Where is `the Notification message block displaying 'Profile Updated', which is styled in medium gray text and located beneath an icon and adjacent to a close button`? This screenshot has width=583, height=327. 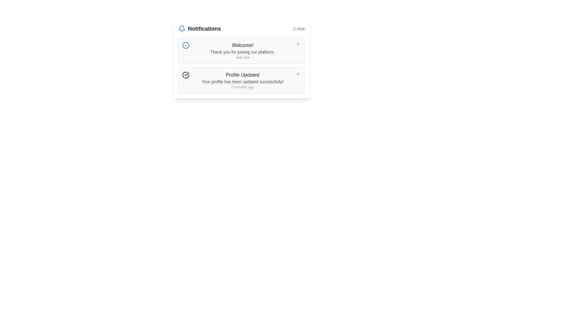 the Notification message block displaying 'Profile Updated', which is styled in medium gray text and located beneath an icon and adjacent to a close button is located at coordinates (242, 80).